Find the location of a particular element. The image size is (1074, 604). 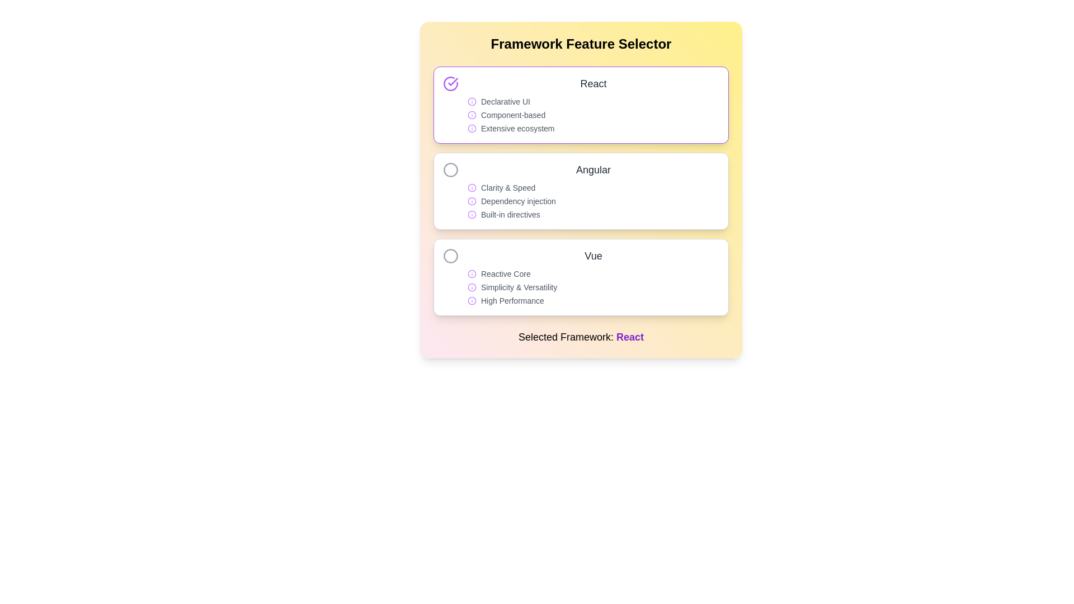

the purple SVG circle graphic that serves as an information indicator within the 'React' selection box, located near the top-left corner is located at coordinates (472, 115).